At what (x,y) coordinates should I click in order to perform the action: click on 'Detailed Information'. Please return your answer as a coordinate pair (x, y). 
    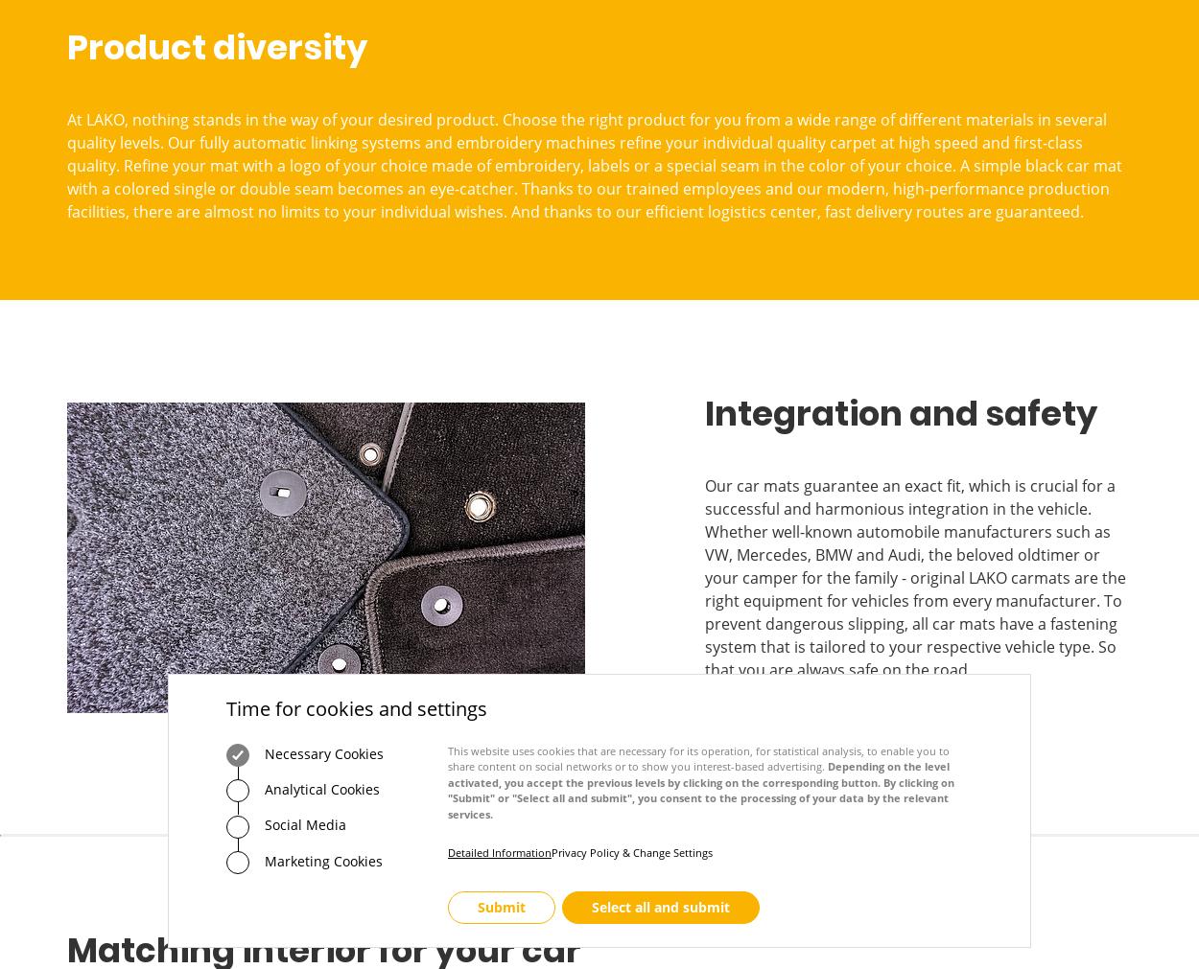
    Looking at the image, I should click on (500, 852).